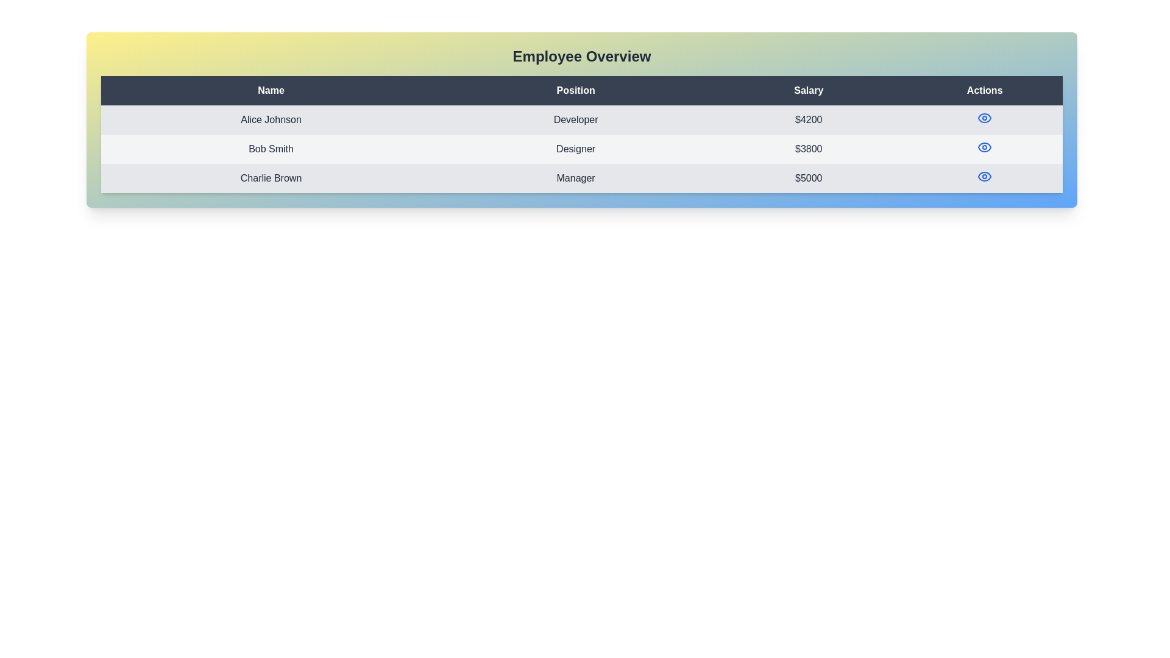 Image resolution: width=1170 pixels, height=658 pixels. Describe the element at coordinates (575, 149) in the screenshot. I see `the text indicating the job position of 'Bob Smith' located in the second row of the table under the 'Position' column` at that location.